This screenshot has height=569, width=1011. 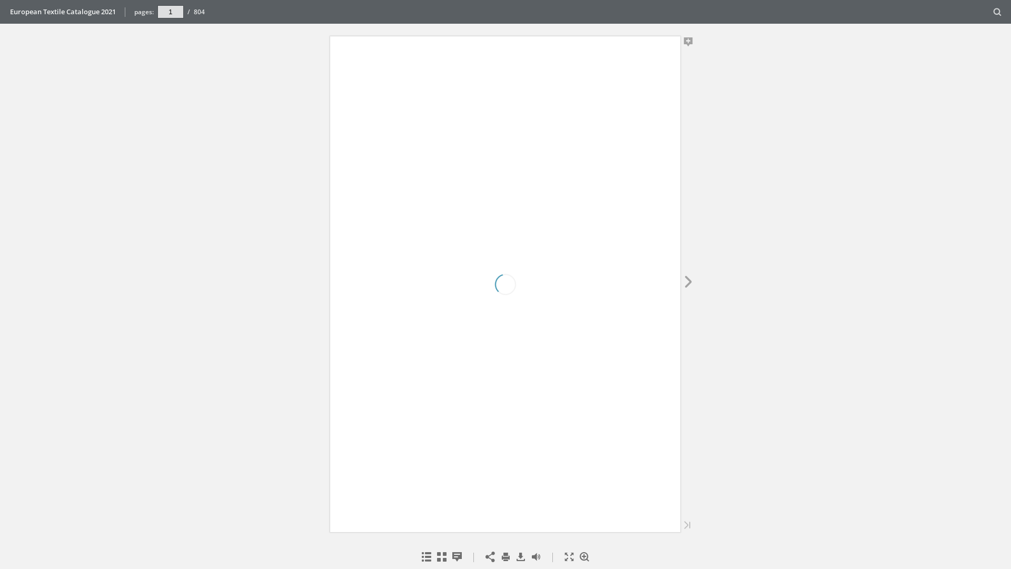 What do you see at coordinates (482, 556) in the screenshot?
I see `'Share'` at bounding box center [482, 556].